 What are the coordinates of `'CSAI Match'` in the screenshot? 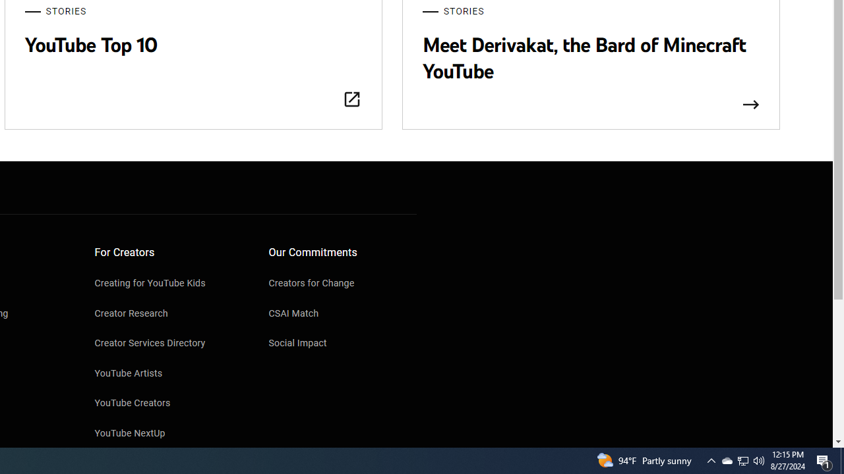 It's located at (342, 315).